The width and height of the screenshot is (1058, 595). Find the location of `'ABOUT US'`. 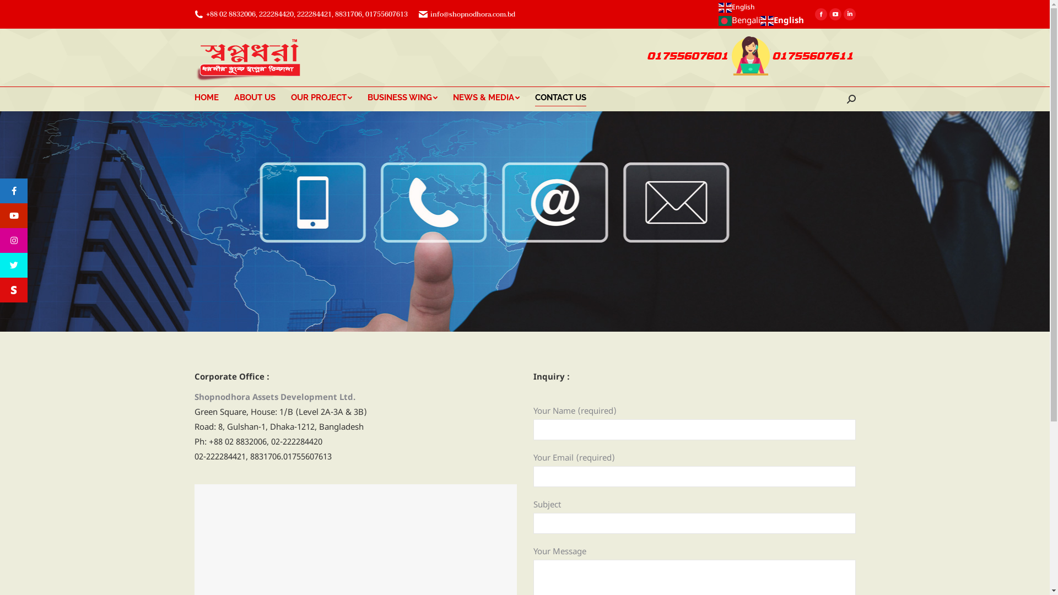

'ABOUT US' is located at coordinates (261, 97).